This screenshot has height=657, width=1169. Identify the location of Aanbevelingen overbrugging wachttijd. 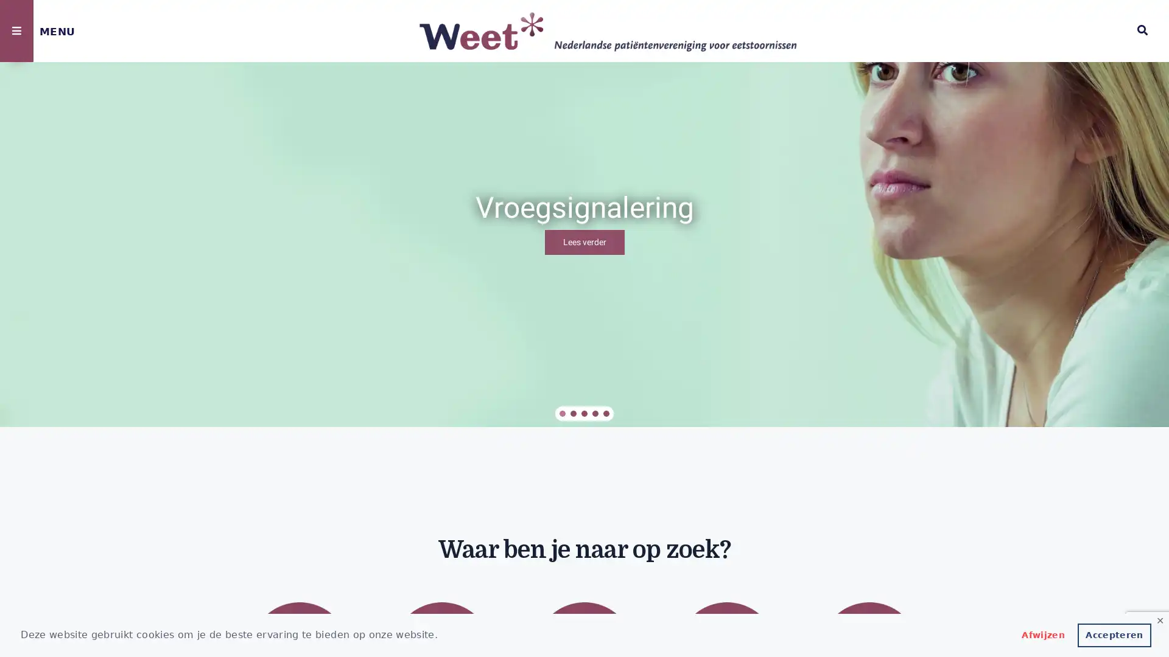
(595, 412).